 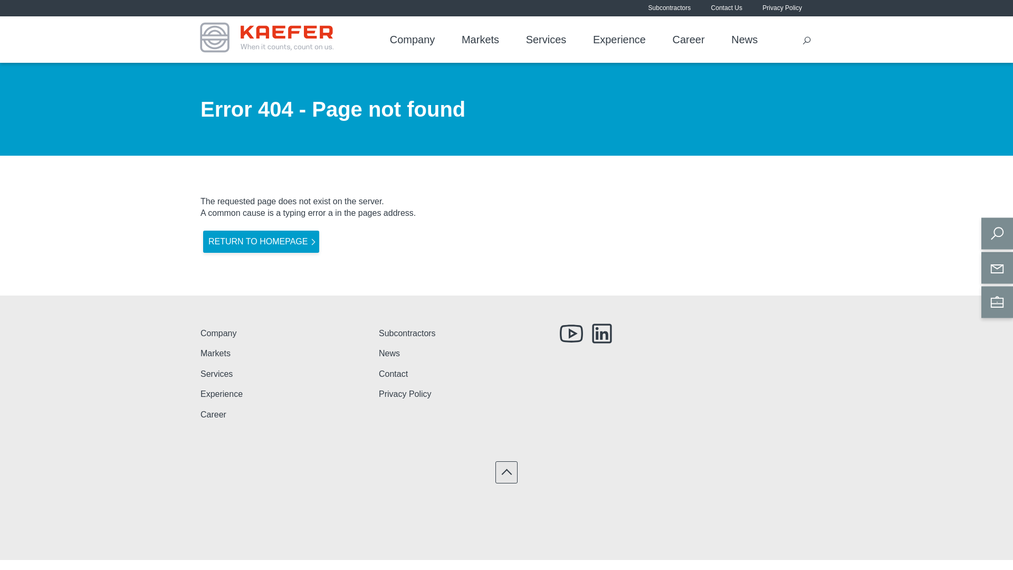 I want to click on 'Career', so click(x=689, y=40).